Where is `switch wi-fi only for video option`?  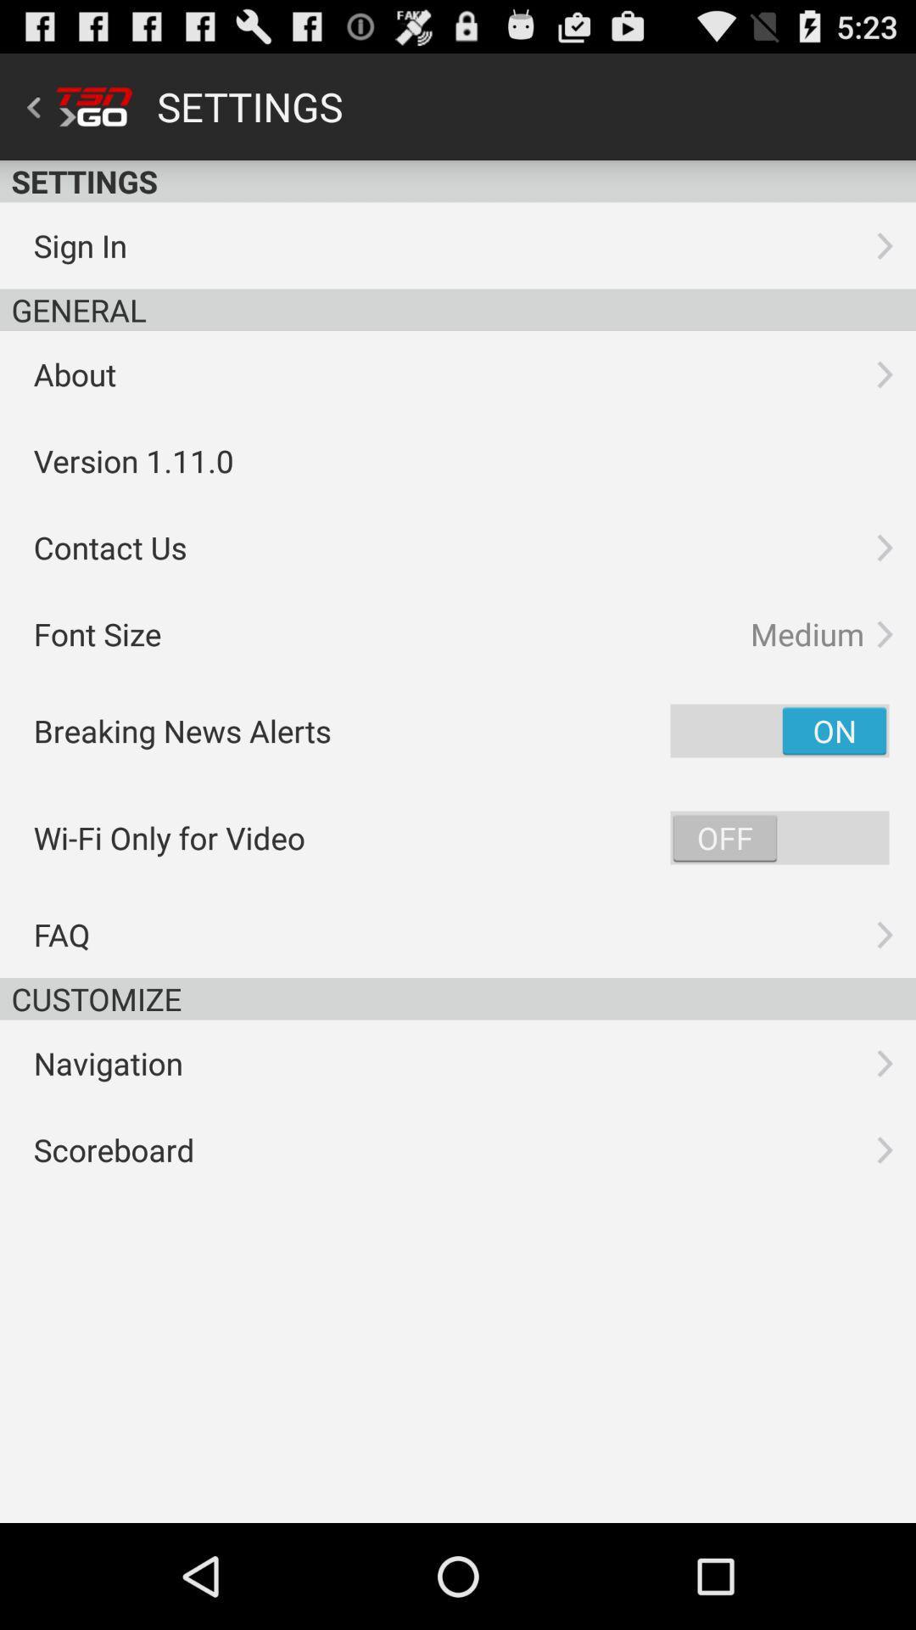
switch wi-fi only for video option is located at coordinates (779, 838).